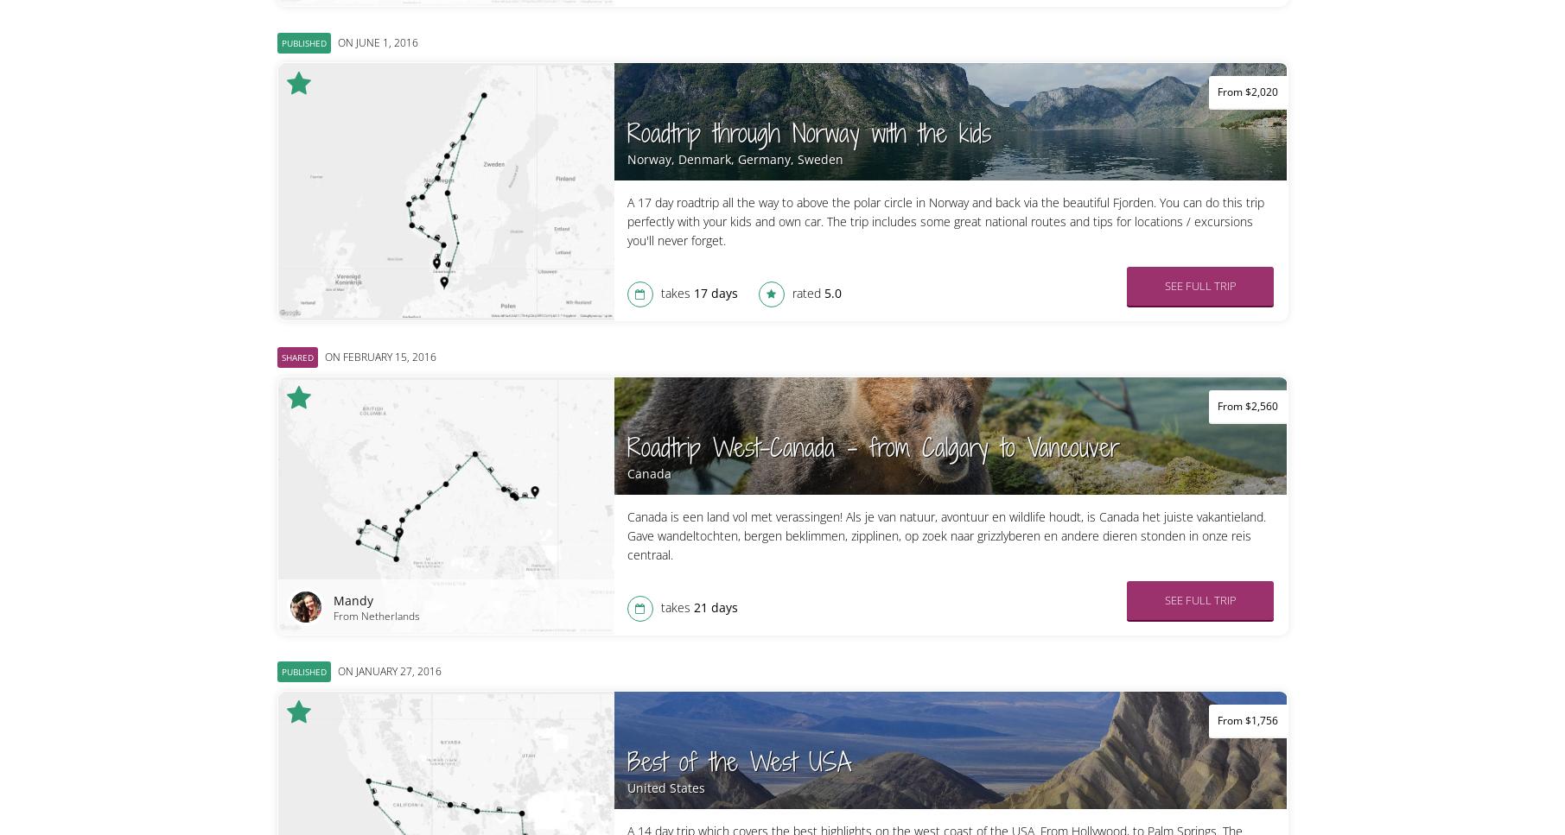 Image resolution: width=1565 pixels, height=835 pixels. I want to click on 'Shared', so click(296, 356).